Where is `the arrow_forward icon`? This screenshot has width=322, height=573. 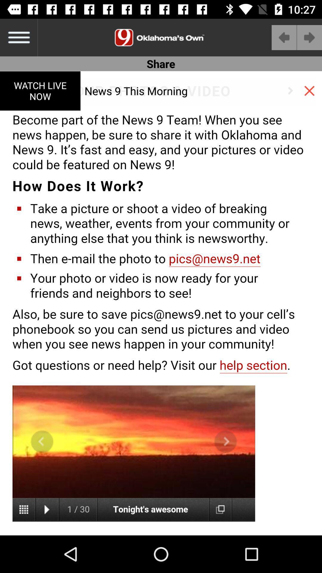
the arrow_forward icon is located at coordinates (309, 37).